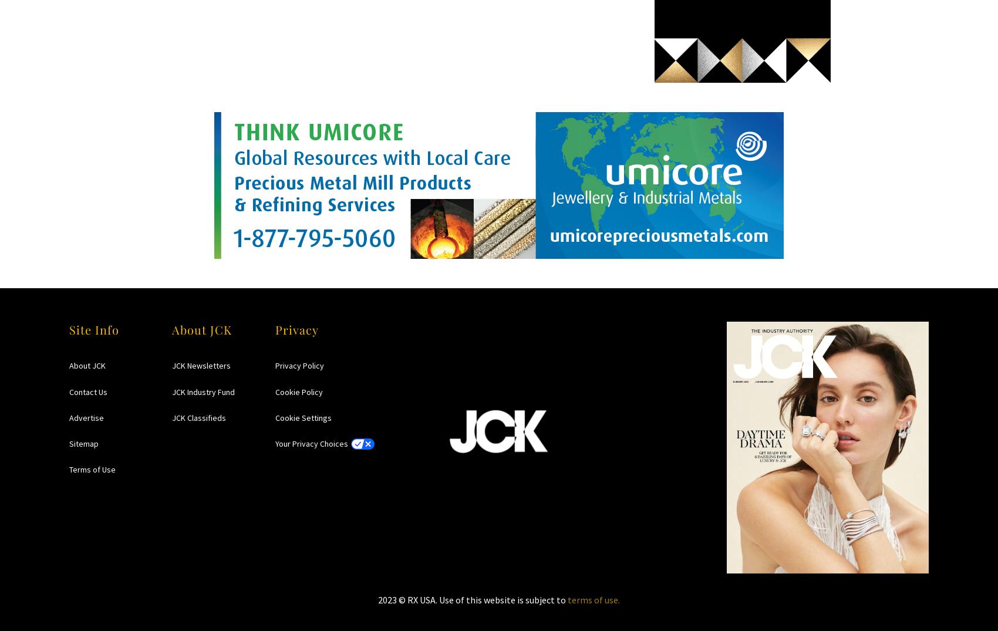 This screenshot has height=631, width=998. Describe the element at coordinates (298, 392) in the screenshot. I see `'Cookie Policy'` at that location.